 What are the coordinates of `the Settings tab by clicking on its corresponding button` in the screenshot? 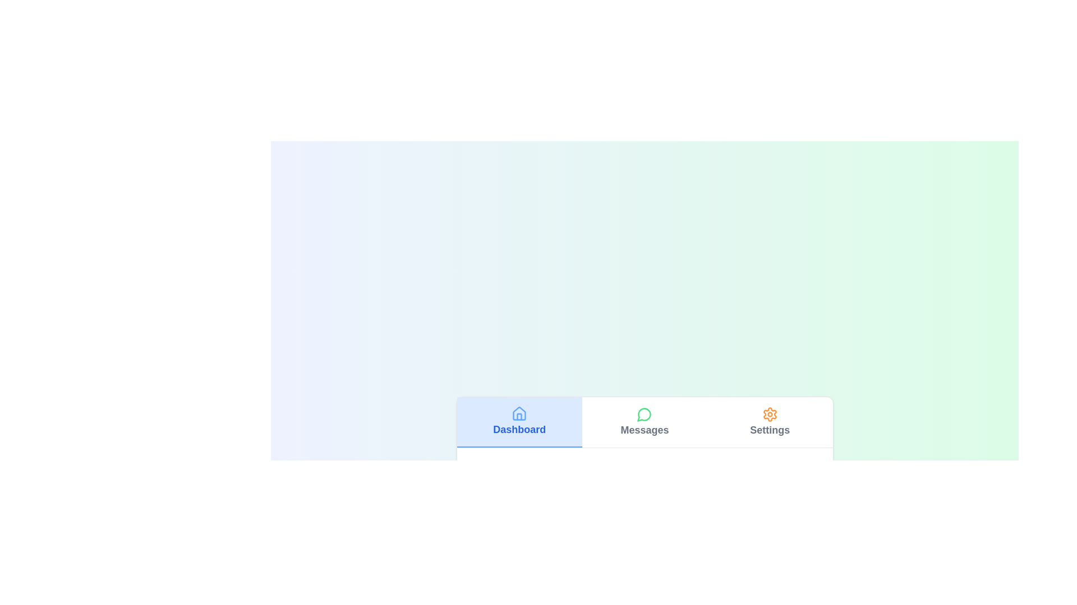 It's located at (769, 421).